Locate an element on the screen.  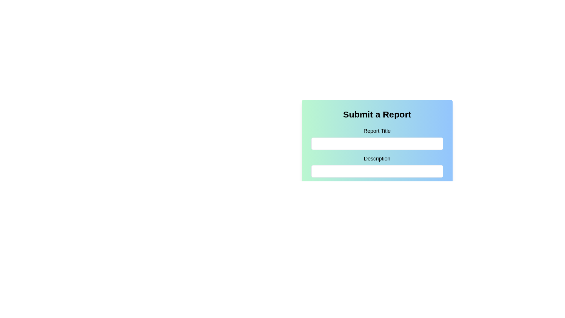
text label that serves as guidance for the input field below it, indicating that it is for entering the report title is located at coordinates (377, 130).